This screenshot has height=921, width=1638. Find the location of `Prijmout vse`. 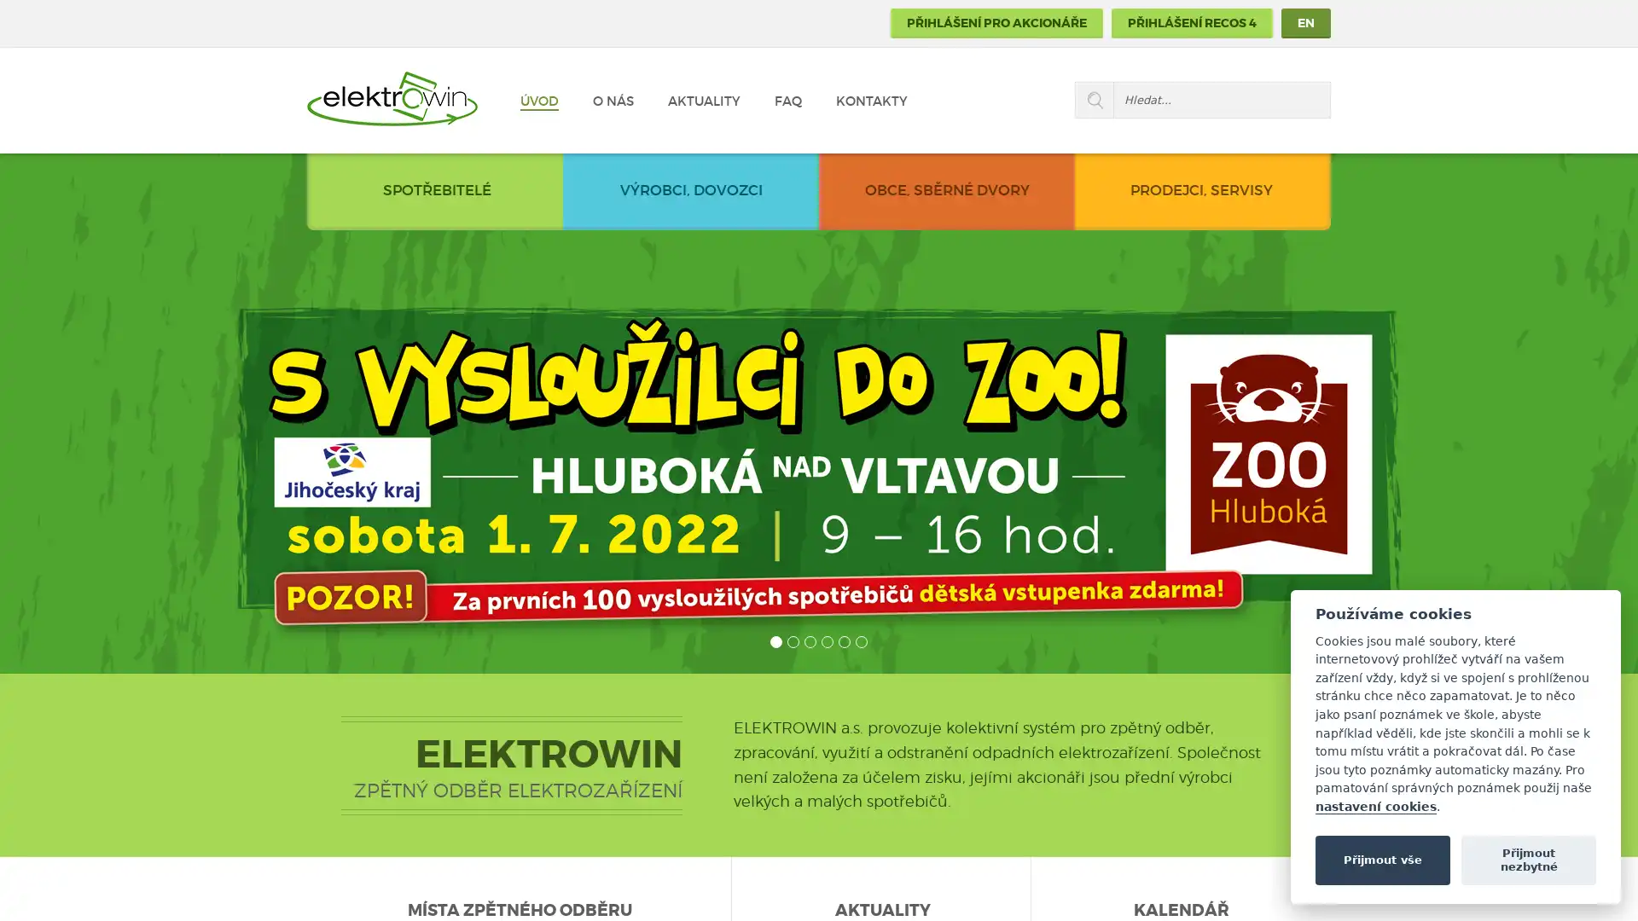

Prijmout vse is located at coordinates (1382, 859).